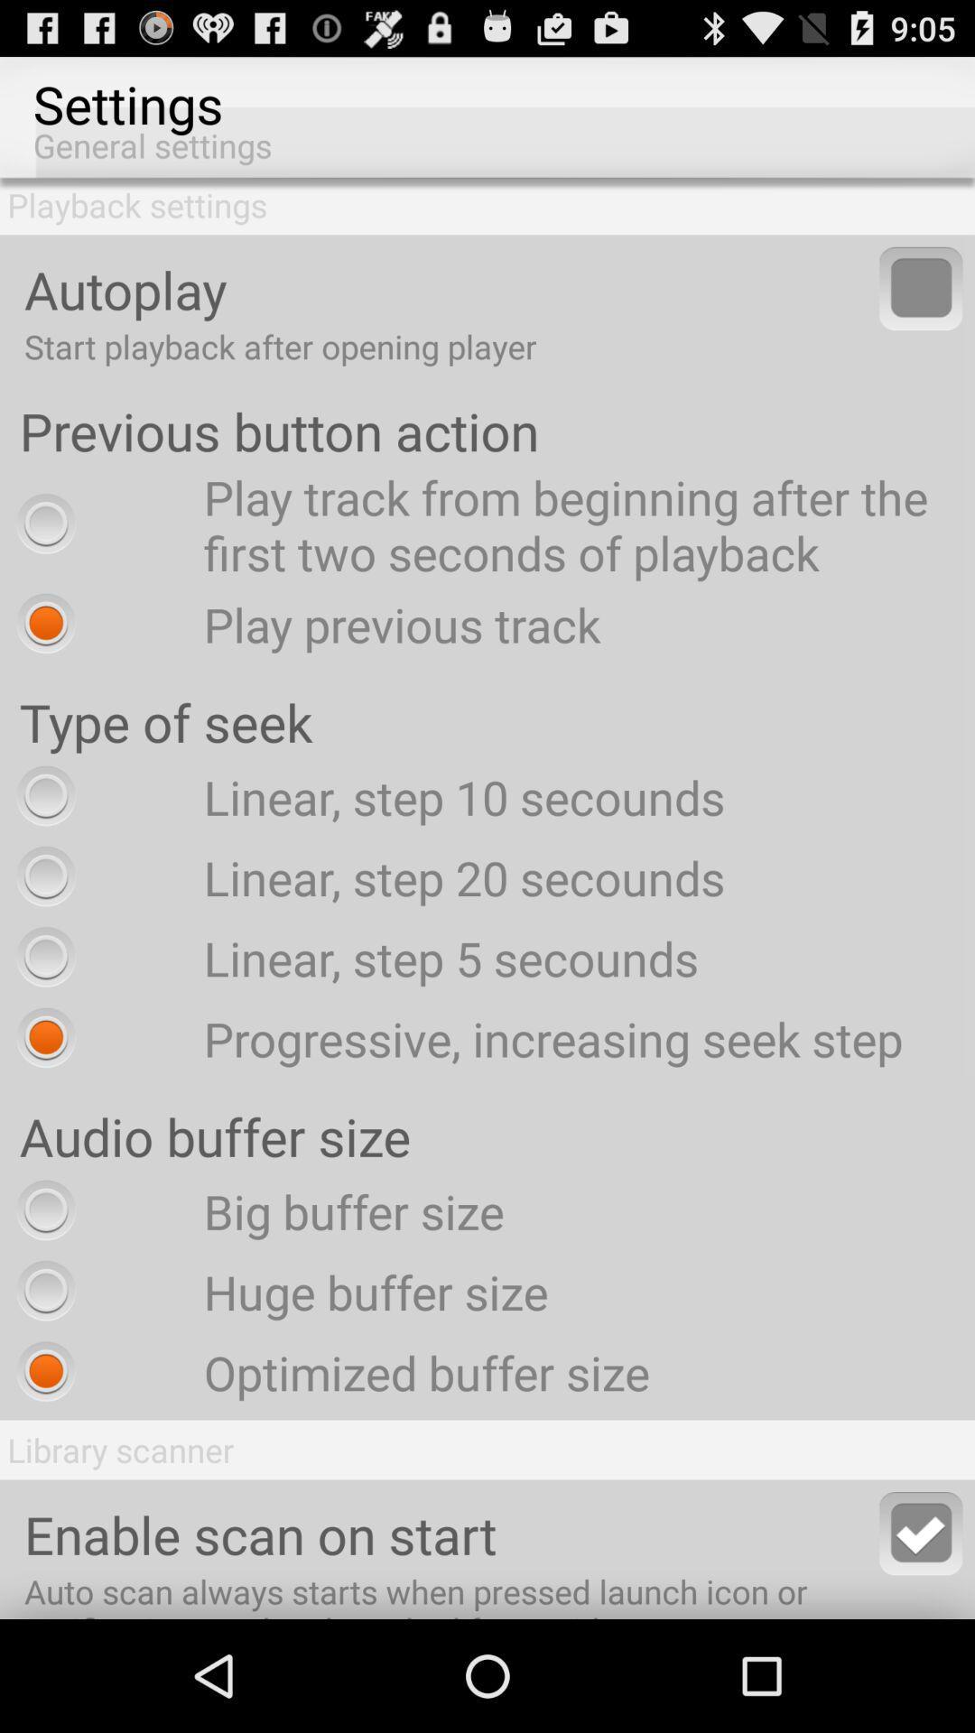 The width and height of the screenshot is (975, 1733). I want to click on autoplay option, so click(921, 287).